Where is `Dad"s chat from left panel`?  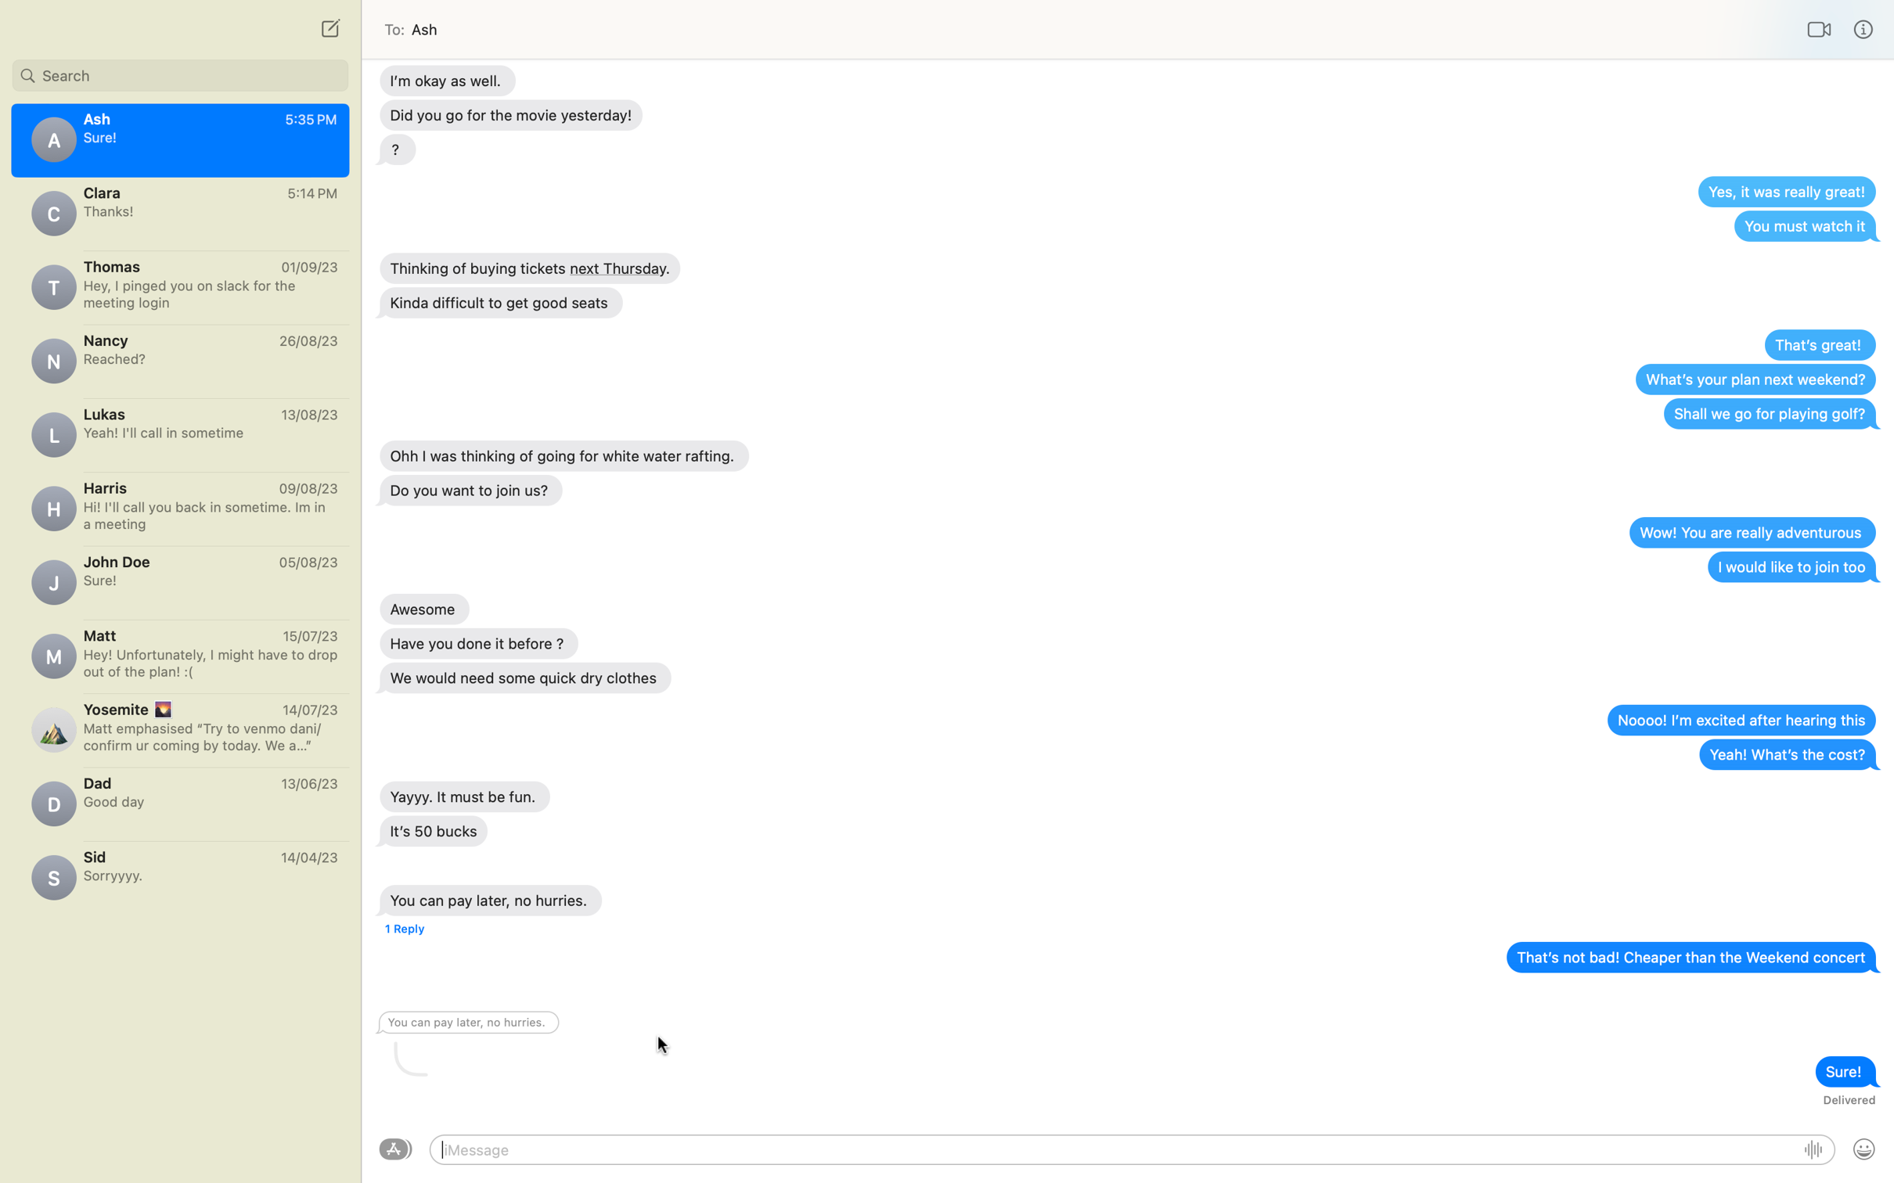 Dad"s chat from left panel is located at coordinates (179, 798).